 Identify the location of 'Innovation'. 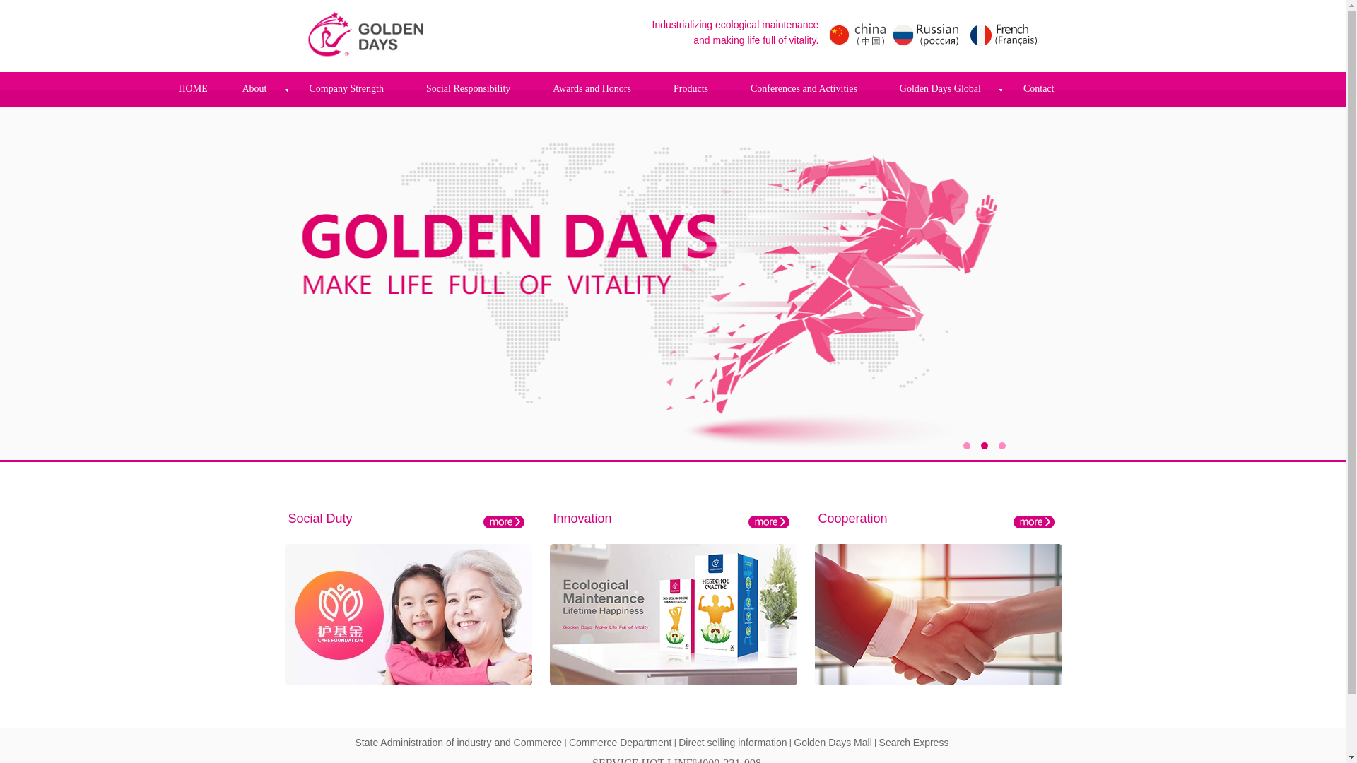
(582, 518).